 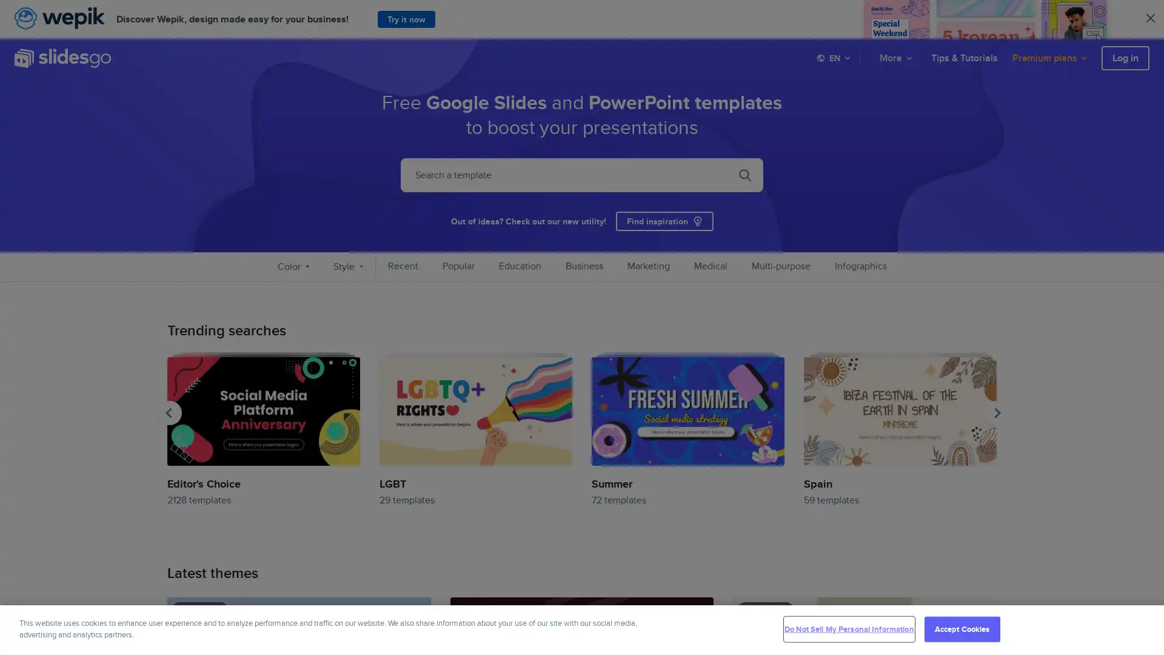 I want to click on Accept Cookies, so click(x=961, y=628).